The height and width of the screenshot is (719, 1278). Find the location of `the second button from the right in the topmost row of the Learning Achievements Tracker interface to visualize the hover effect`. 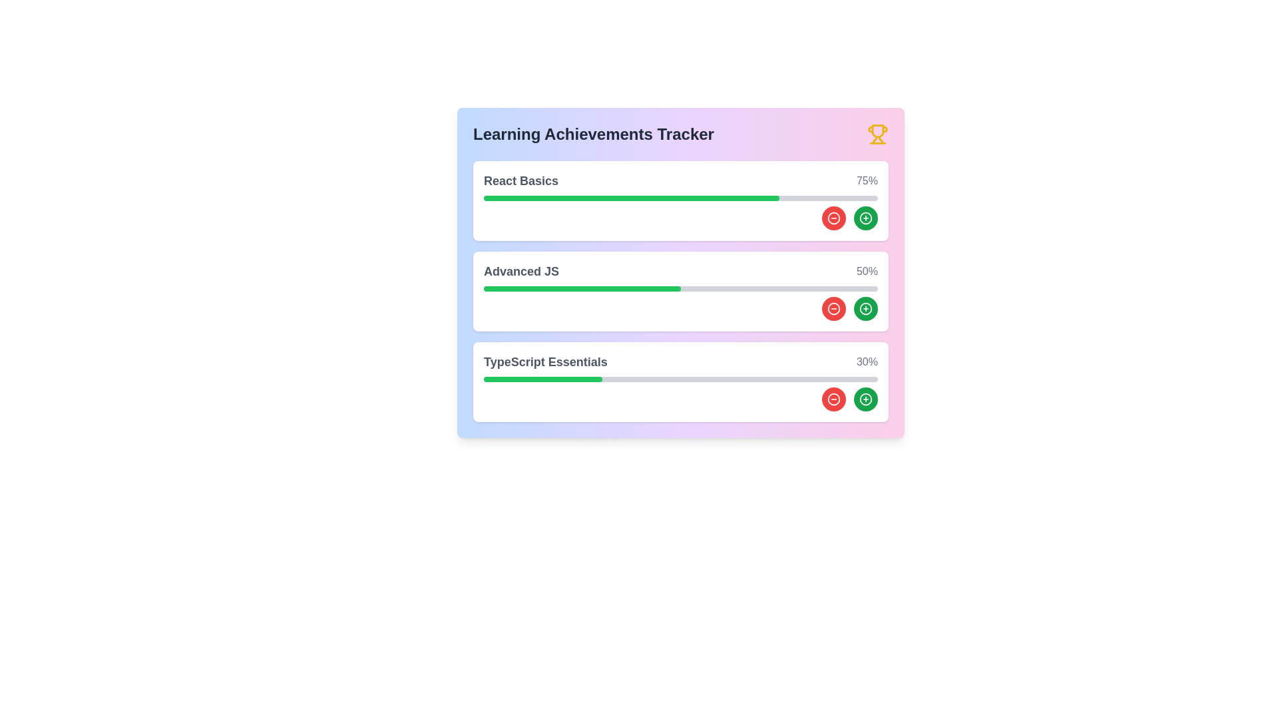

the second button from the right in the topmost row of the Learning Achievements Tracker interface to visualize the hover effect is located at coordinates (865, 217).